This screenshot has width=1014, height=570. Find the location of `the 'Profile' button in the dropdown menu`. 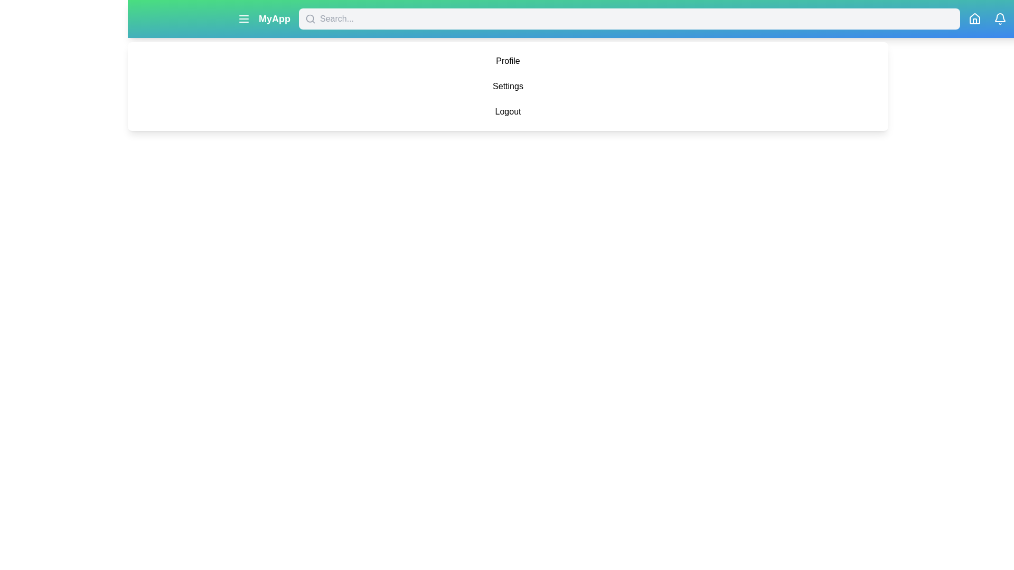

the 'Profile' button in the dropdown menu is located at coordinates (508, 61).